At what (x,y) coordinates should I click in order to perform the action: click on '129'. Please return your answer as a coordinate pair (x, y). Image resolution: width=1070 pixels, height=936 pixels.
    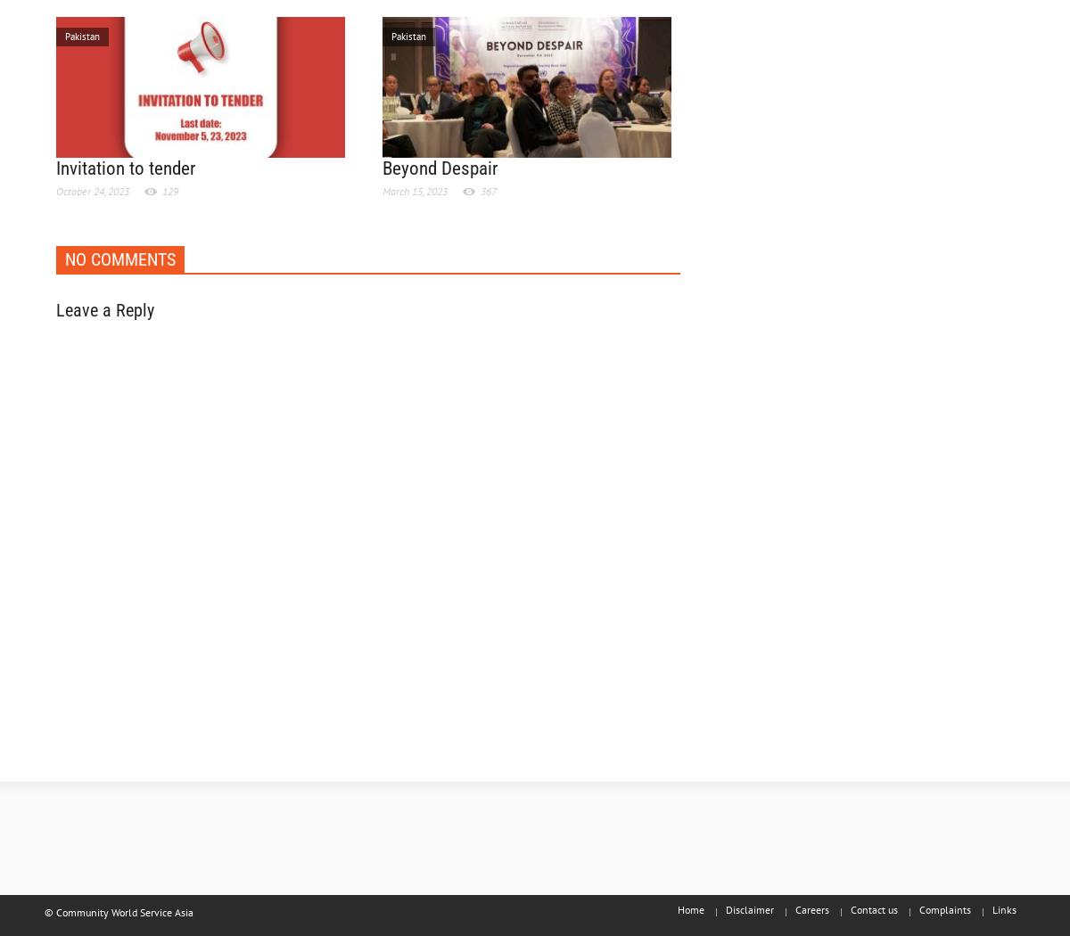
    Looking at the image, I should click on (169, 190).